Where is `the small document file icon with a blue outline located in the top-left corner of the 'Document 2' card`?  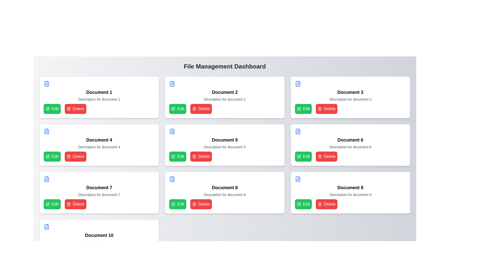
the small document file icon with a blue outline located in the top-left corner of the 'Document 2' card is located at coordinates (172, 84).